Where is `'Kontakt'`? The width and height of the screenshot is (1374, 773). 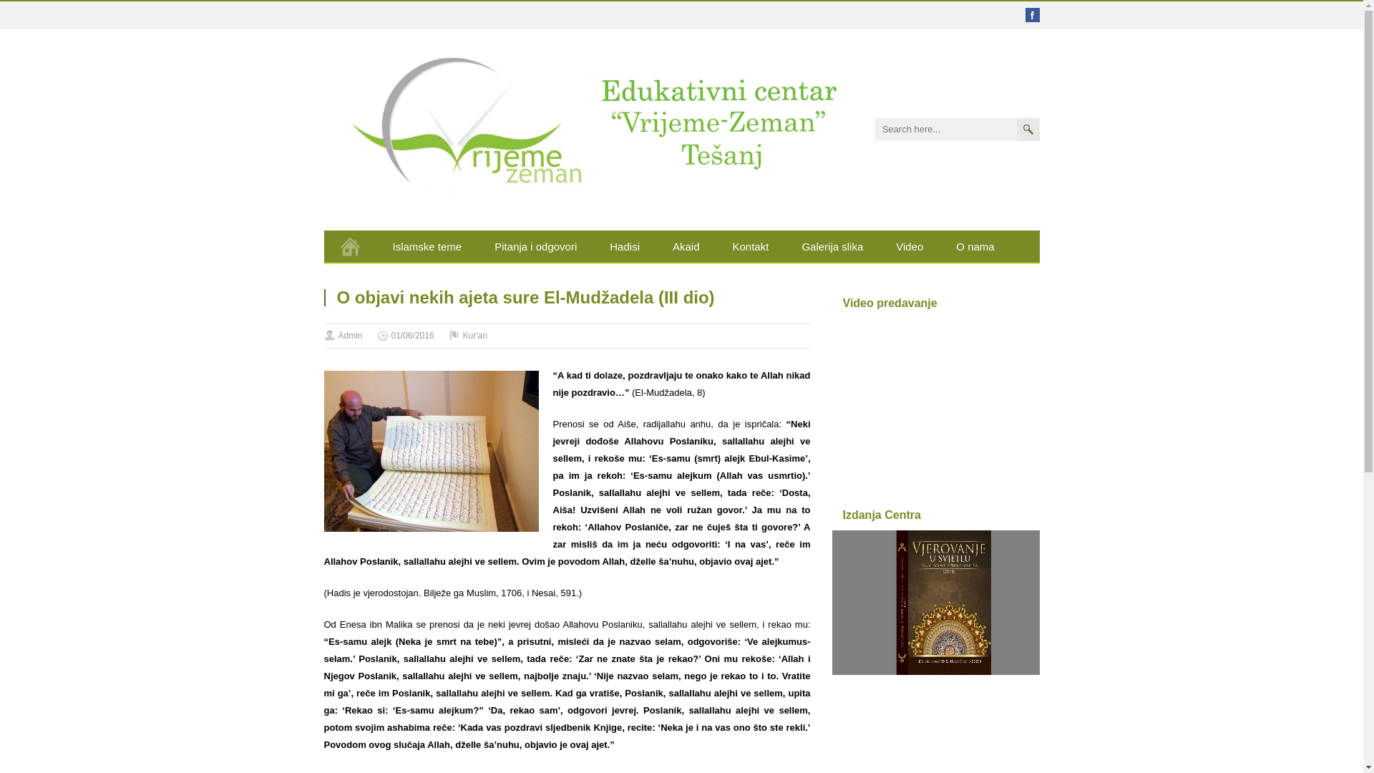 'Kontakt' is located at coordinates (749, 245).